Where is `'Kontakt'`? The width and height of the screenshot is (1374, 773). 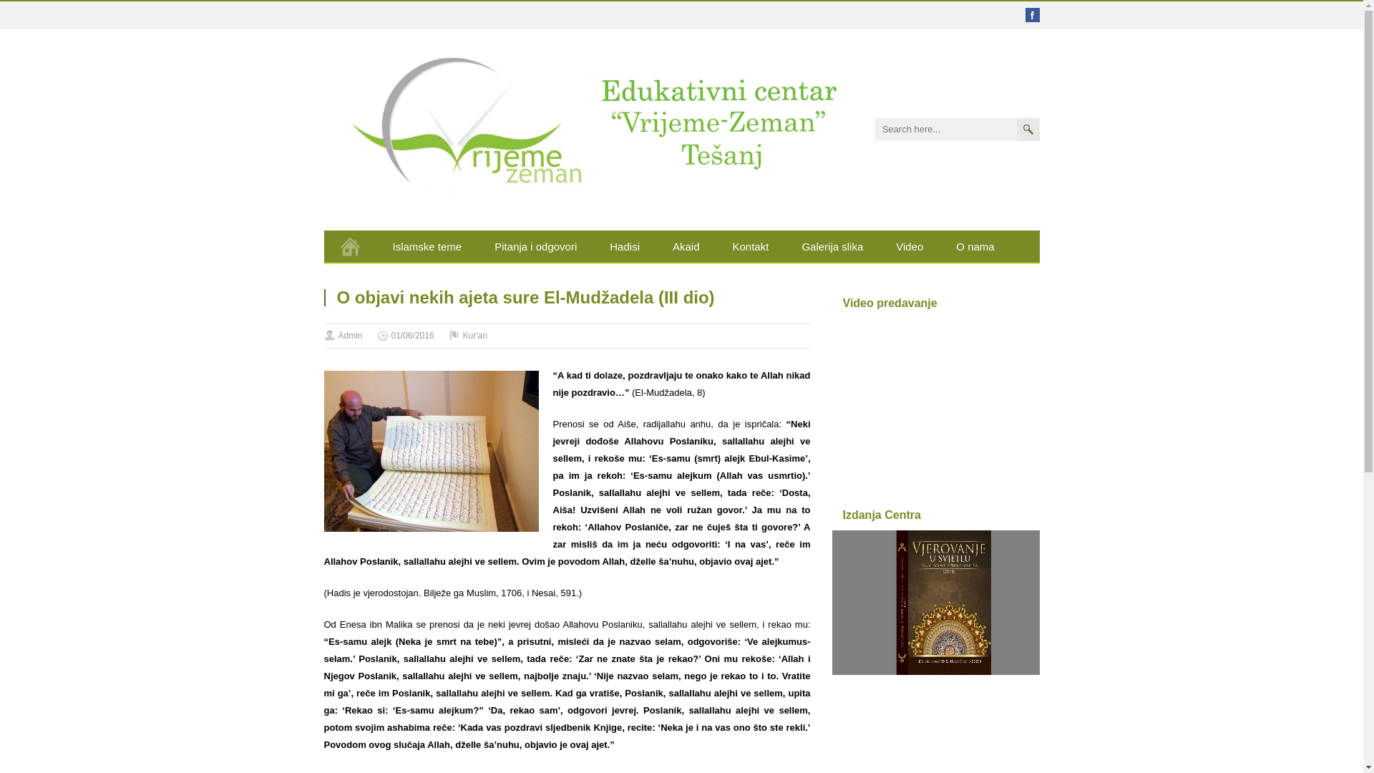 'Kontakt' is located at coordinates (749, 245).